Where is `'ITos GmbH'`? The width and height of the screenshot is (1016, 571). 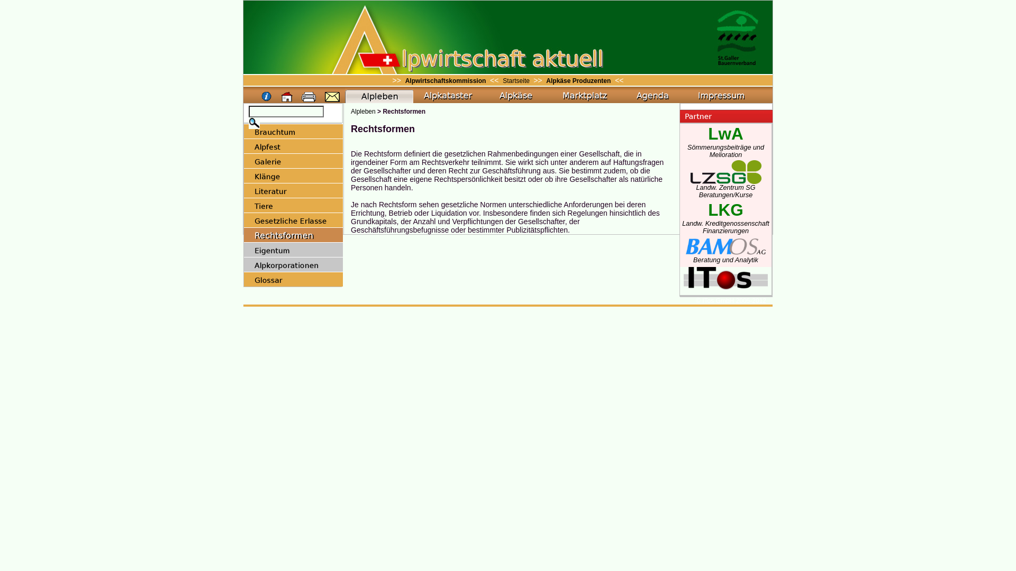 'ITos GmbH' is located at coordinates (725, 285).